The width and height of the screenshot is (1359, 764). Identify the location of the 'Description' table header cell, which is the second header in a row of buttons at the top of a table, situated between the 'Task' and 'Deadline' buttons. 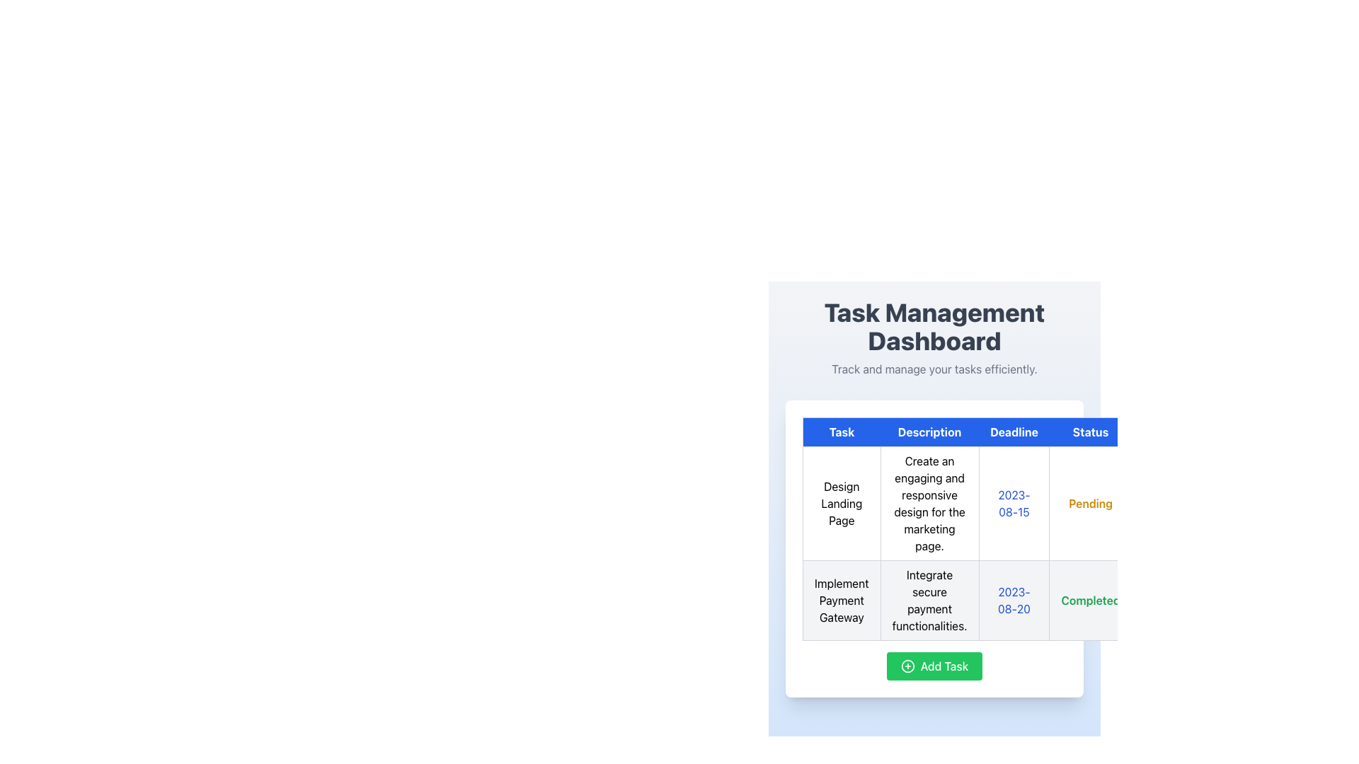
(929, 431).